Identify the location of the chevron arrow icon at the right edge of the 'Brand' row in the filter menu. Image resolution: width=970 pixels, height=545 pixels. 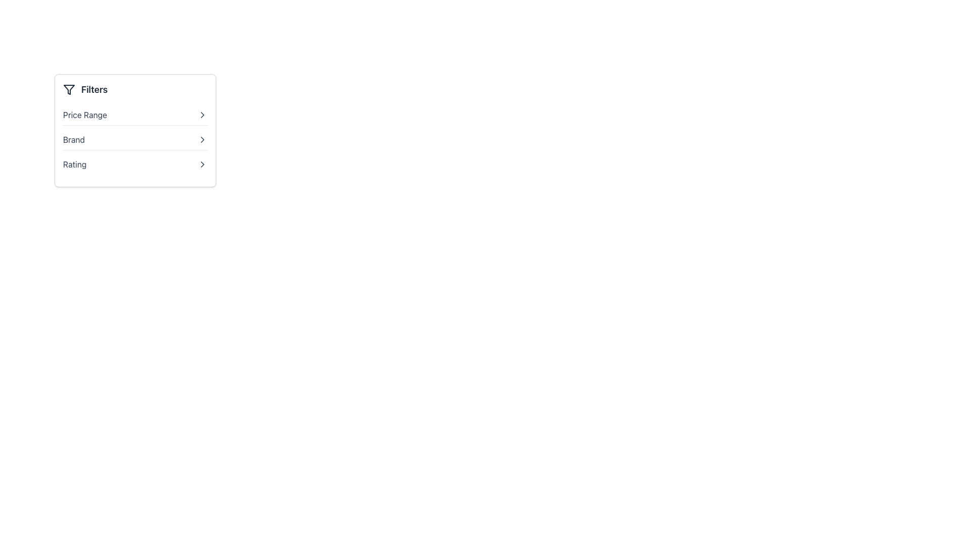
(202, 140).